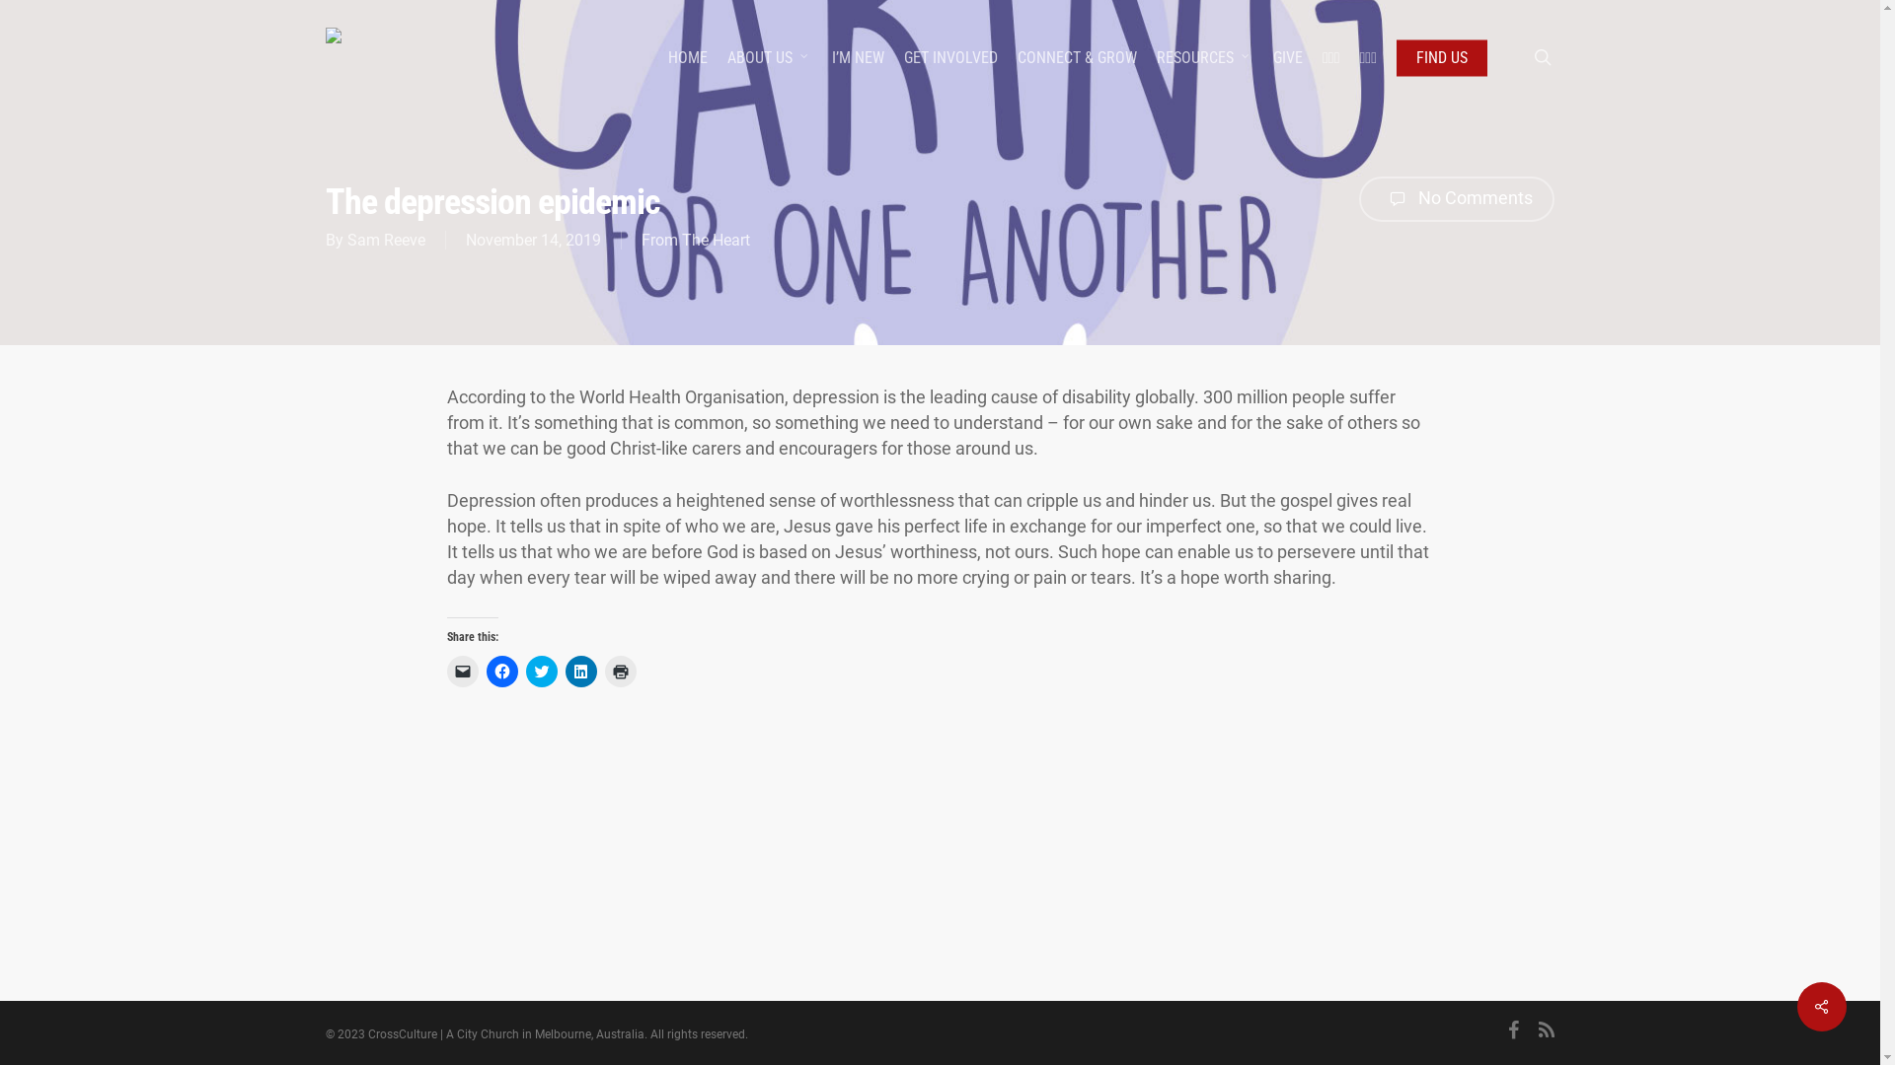 The image size is (1895, 1065). I want to click on 'Sam Reeve', so click(386, 239).